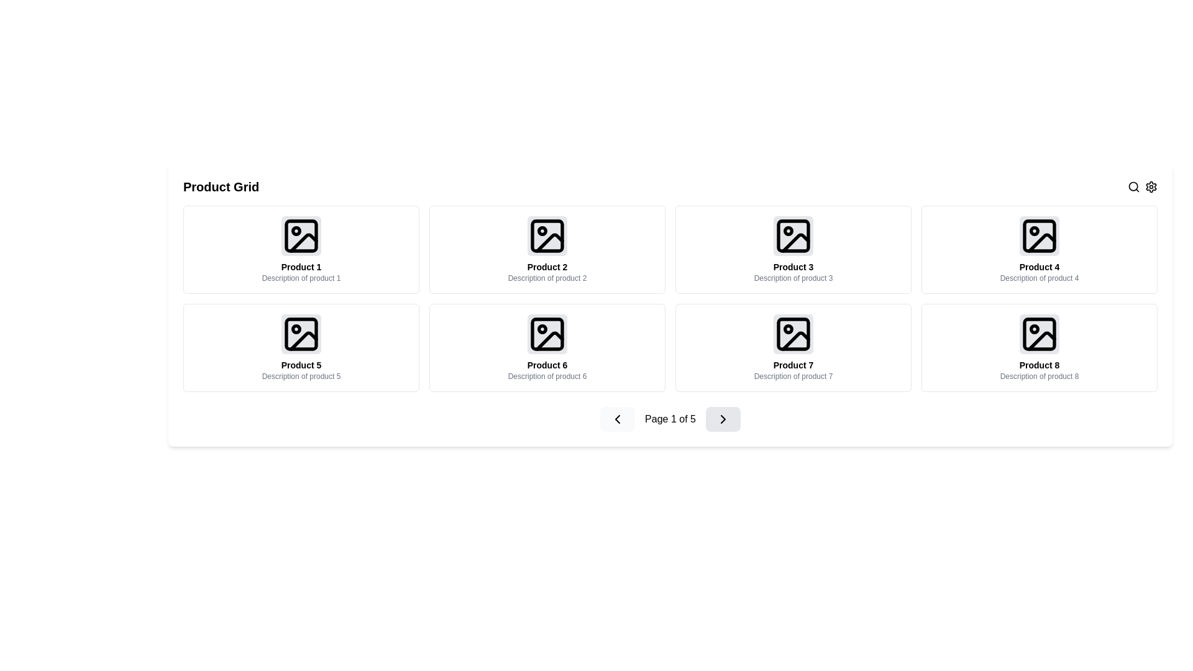 The image size is (1193, 671). Describe the element at coordinates (301, 236) in the screenshot. I see `the rounded rectangle SVG element associated with 'Product 1' in the product grid` at that location.